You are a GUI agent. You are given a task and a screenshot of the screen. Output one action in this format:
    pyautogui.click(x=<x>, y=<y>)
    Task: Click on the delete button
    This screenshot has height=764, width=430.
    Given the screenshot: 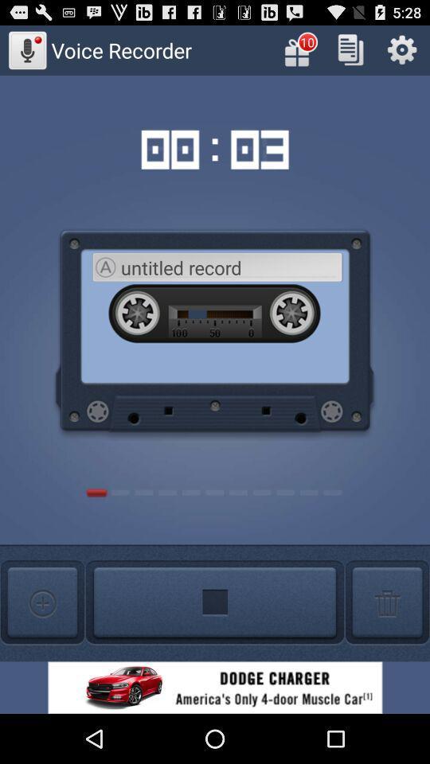 What is the action you would take?
    pyautogui.click(x=386, y=602)
    